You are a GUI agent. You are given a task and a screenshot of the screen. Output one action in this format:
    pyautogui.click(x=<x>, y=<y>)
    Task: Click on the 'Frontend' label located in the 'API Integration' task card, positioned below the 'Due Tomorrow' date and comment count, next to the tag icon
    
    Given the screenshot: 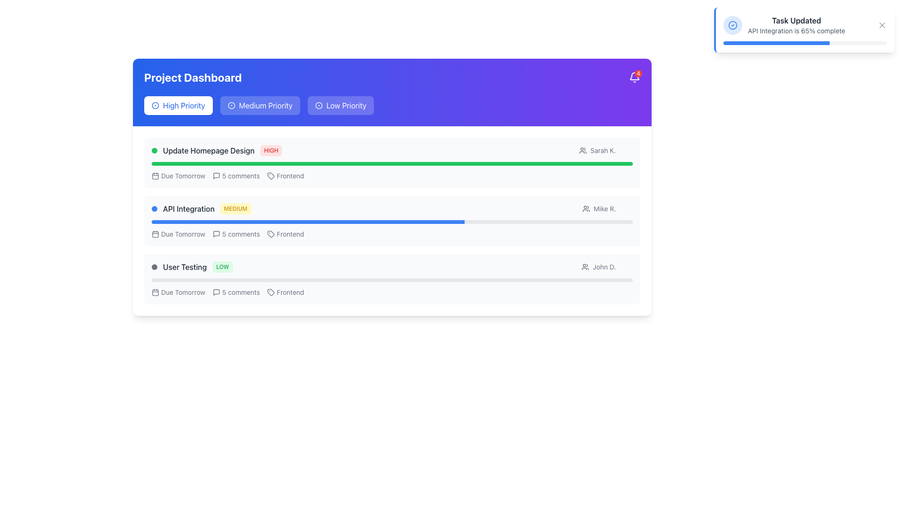 What is the action you would take?
    pyautogui.click(x=290, y=233)
    